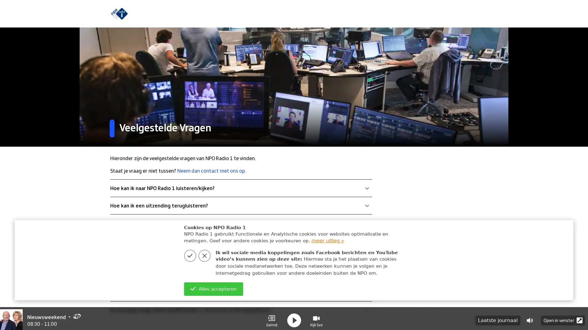 Image resolution: width=588 pixels, height=330 pixels. What do you see at coordinates (563, 317) in the screenshot?
I see `Open in venster Popup Icon` at bounding box center [563, 317].